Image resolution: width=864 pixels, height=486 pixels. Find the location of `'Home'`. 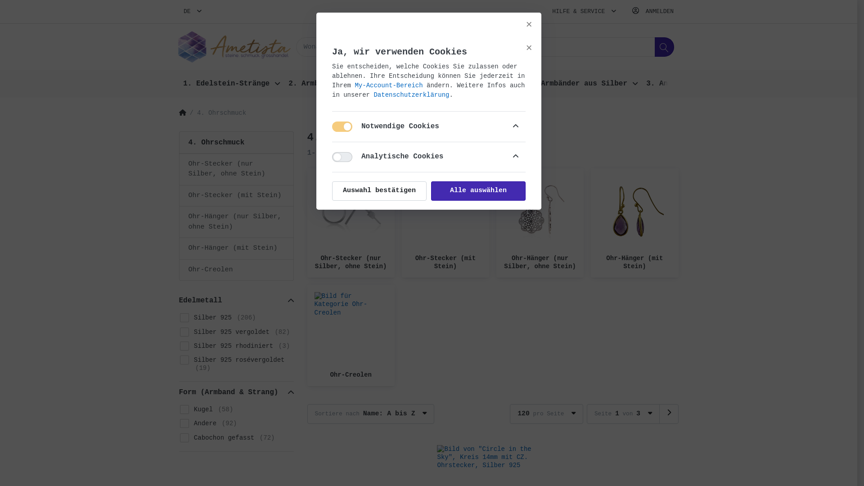

'Home' is located at coordinates (182, 112).